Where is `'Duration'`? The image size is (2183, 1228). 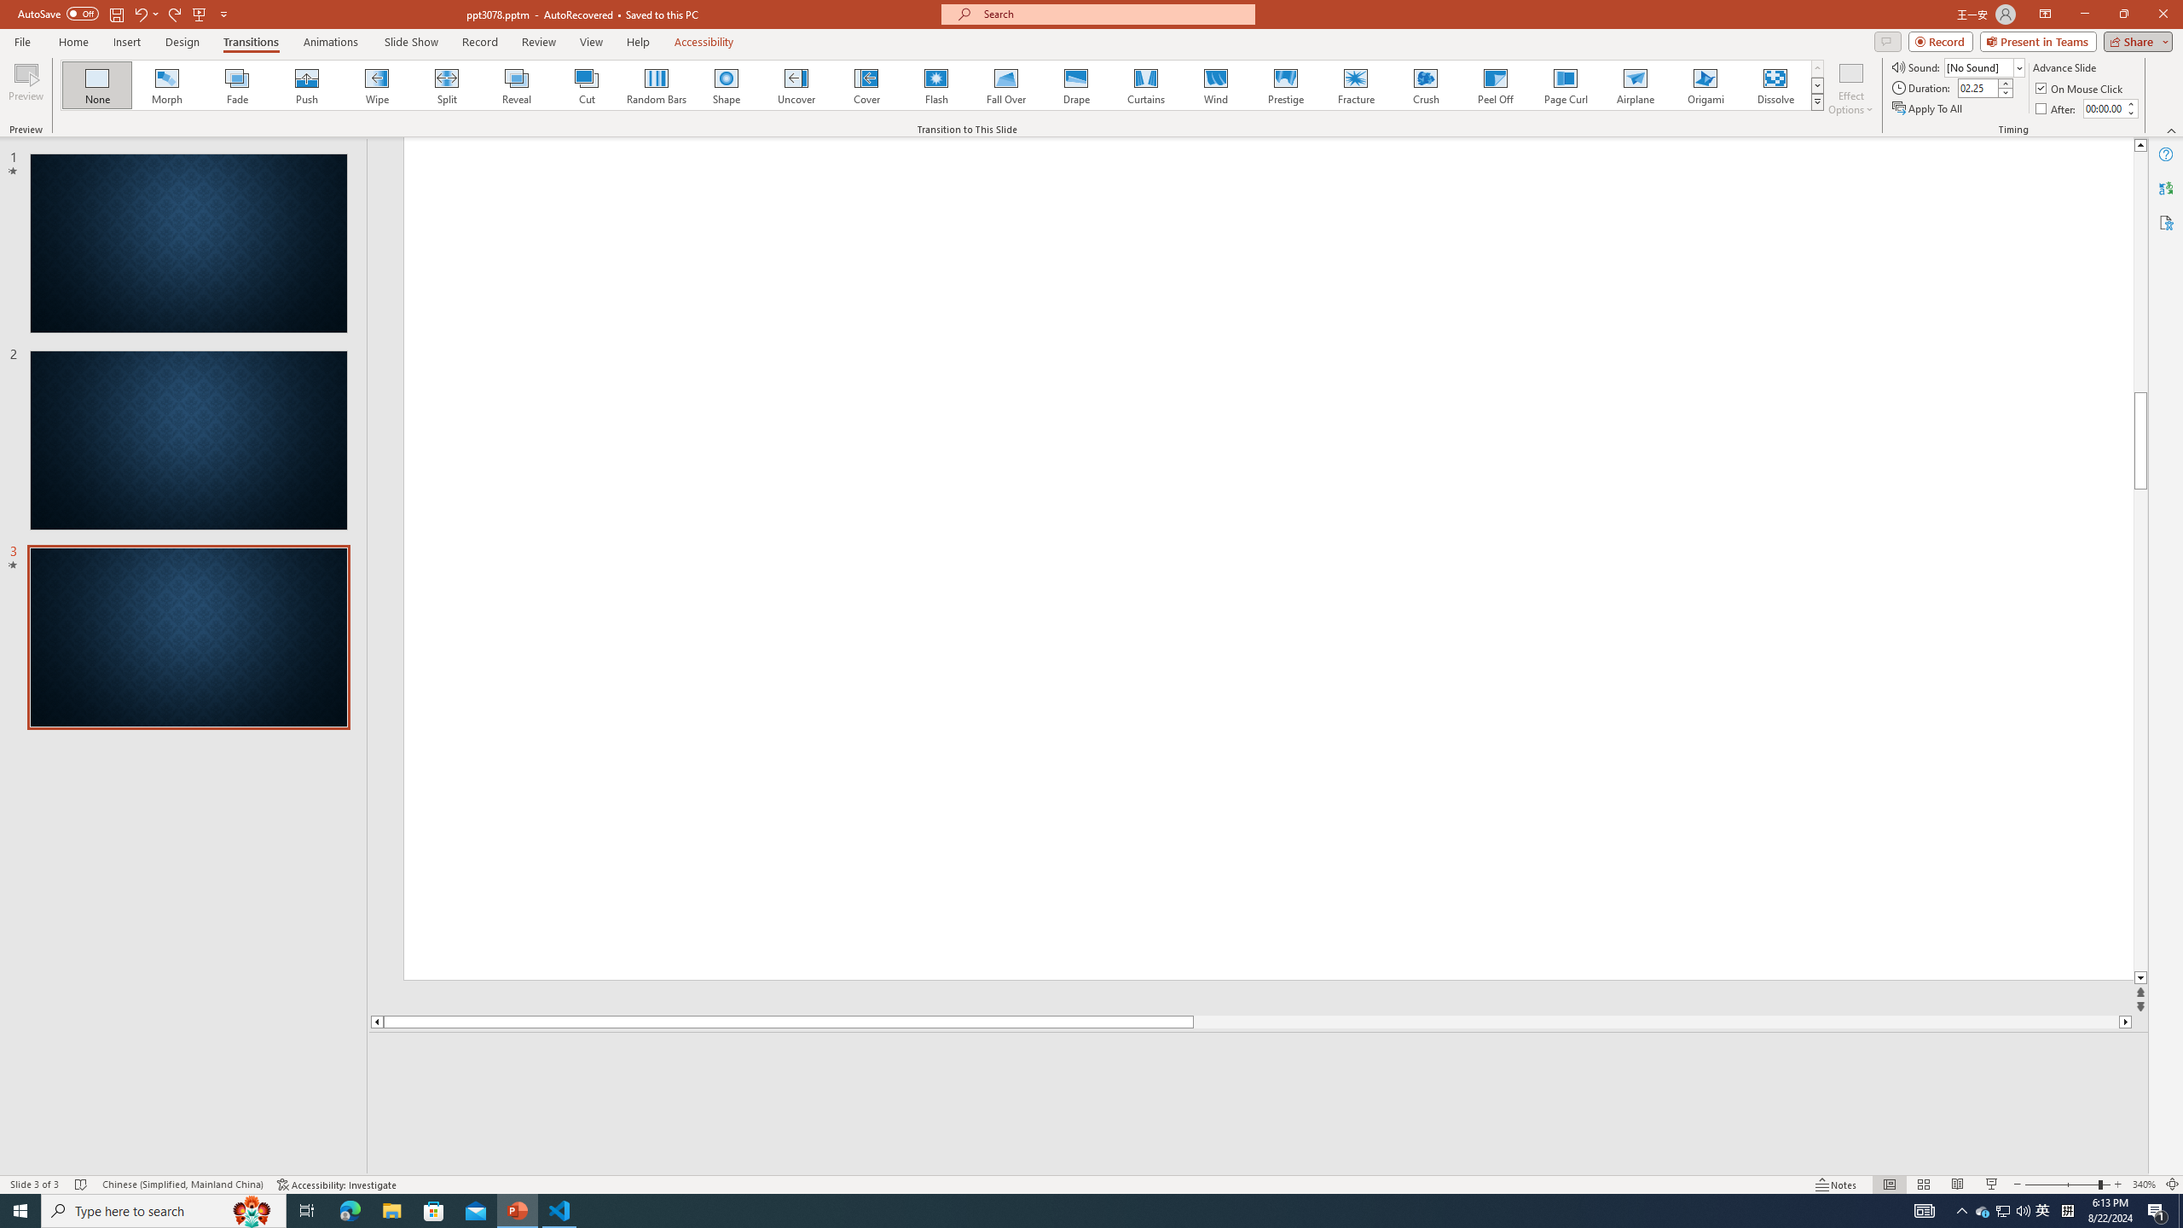
'Duration' is located at coordinates (1977, 87).